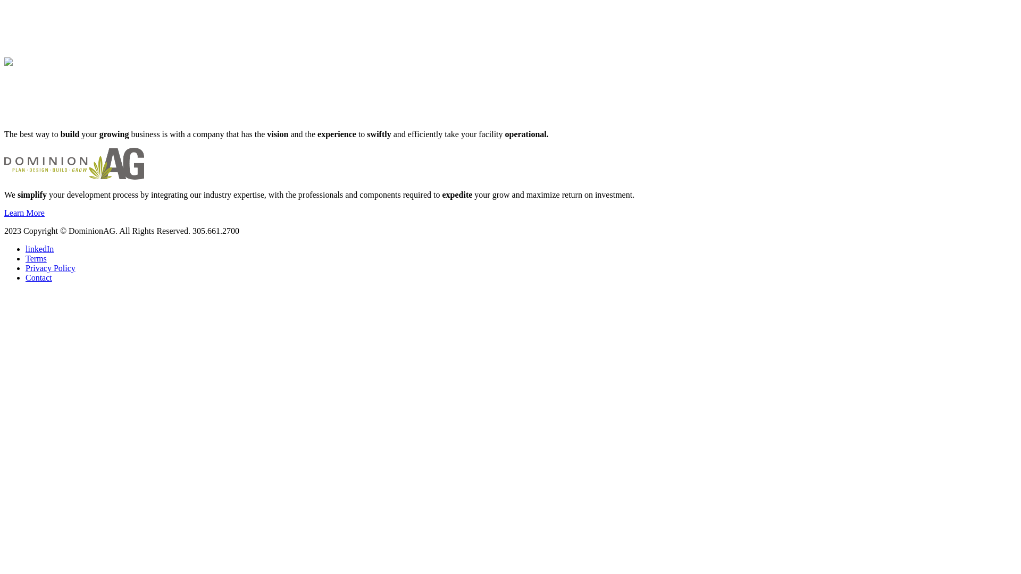  What do you see at coordinates (4, 213) in the screenshot?
I see `'Learn More'` at bounding box center [4, 213].